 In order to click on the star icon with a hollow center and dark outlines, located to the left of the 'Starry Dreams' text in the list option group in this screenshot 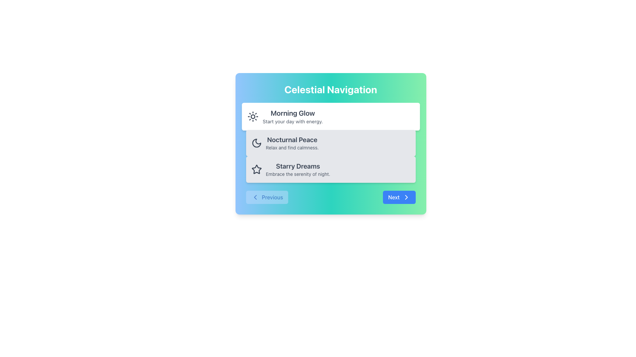, I will do `click(256, 169)`.